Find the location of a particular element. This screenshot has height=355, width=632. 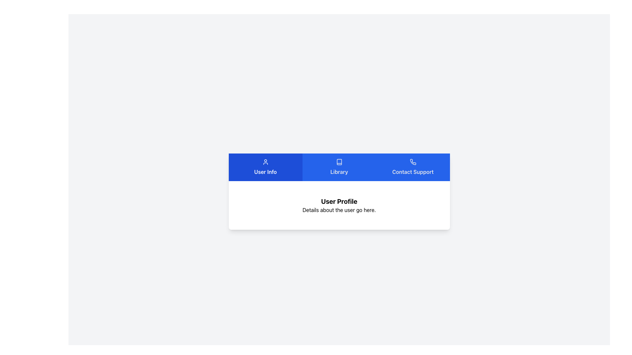

the 'Contact Support' text label element, which is a white, bold text on a blue background located at the bottom-right corner of the navigation bar is located at coordinates (412, 172).